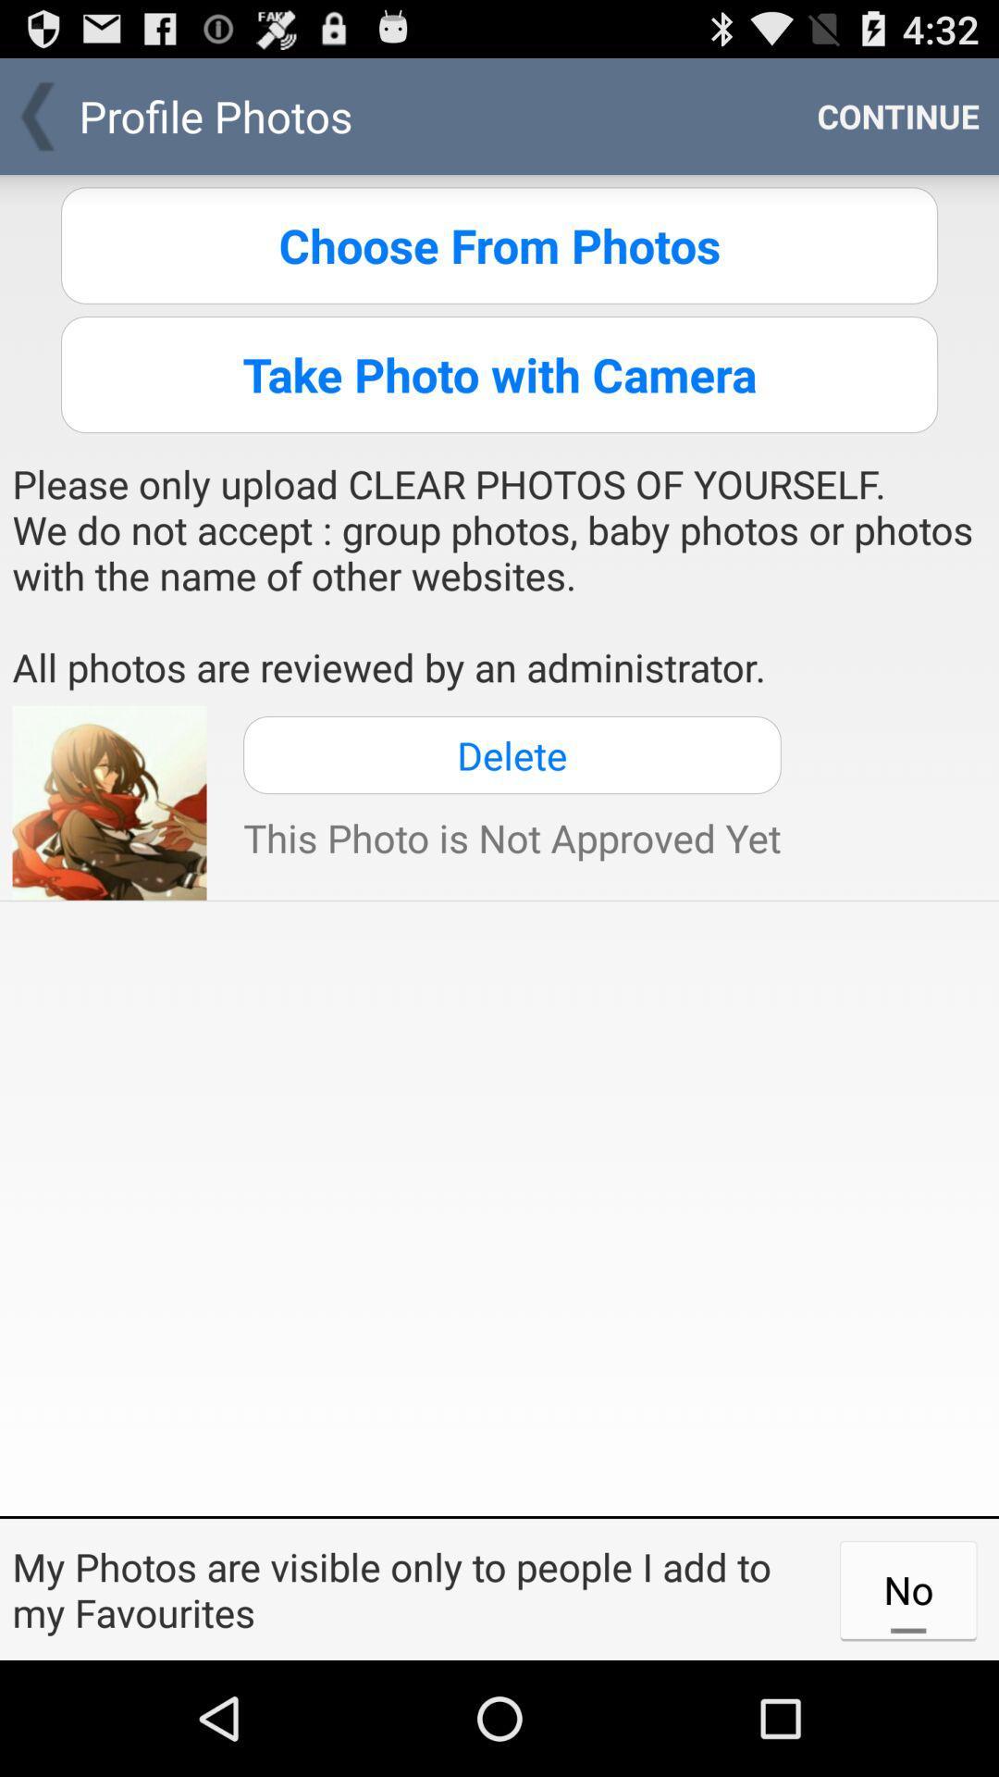 Image resolution: width=999 pixels, height=1777 pixels. What do you see at coordinates (512, 755) in the screenshot?
I see `the item below please only upload item` at bounding box center [512, 755].